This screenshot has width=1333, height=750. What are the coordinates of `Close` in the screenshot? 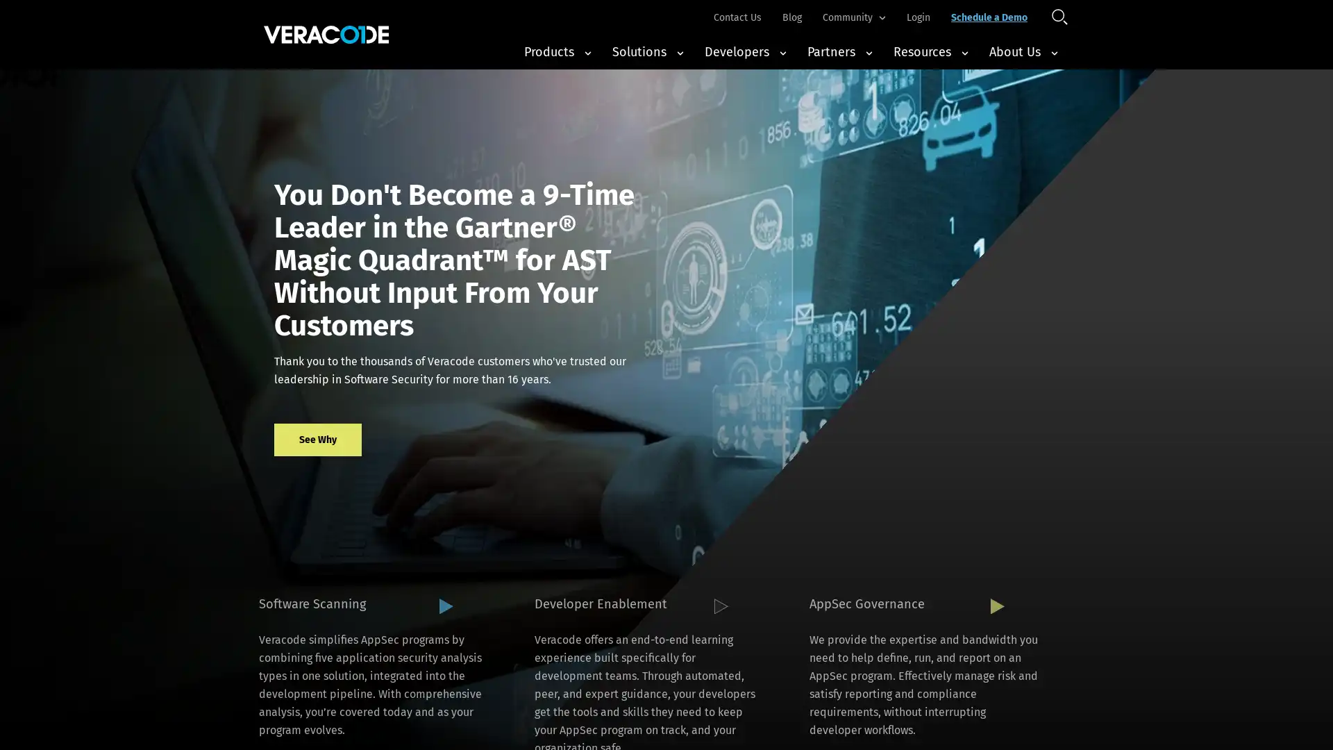 It's located at (1309, 697).